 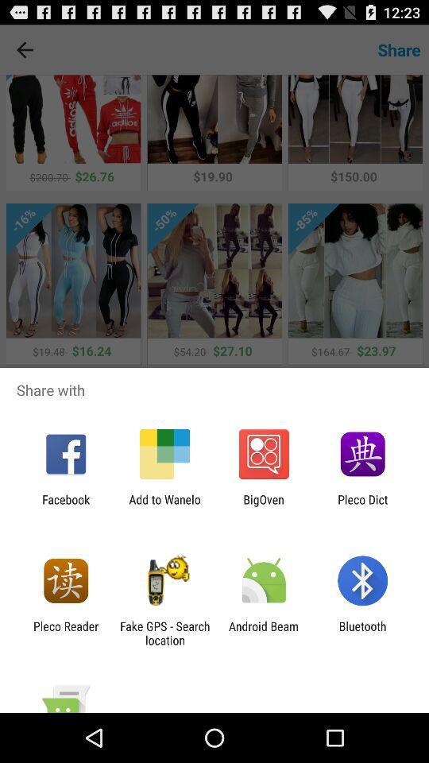 I want to click on item next to add to wanelo app, so click(x=65, y=505).